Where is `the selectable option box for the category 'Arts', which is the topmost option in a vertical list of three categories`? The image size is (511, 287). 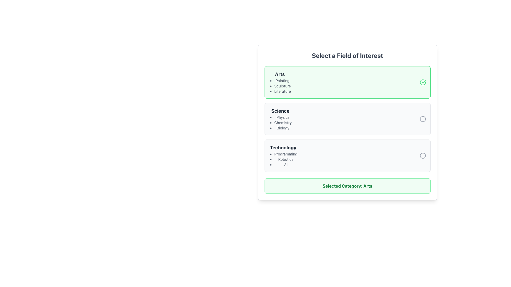
the selectable option box for the category 'Arts', which is the topmost option in a vertical list of three categories is located at coordinates (347, 82).